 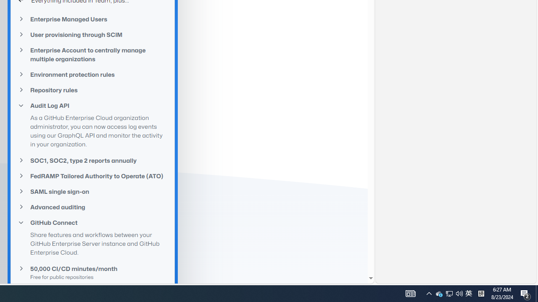 What do you see at coordinates (92, 105) in the screenshot?
I see `'Audit Log API'` at bounding box center [92, 105].